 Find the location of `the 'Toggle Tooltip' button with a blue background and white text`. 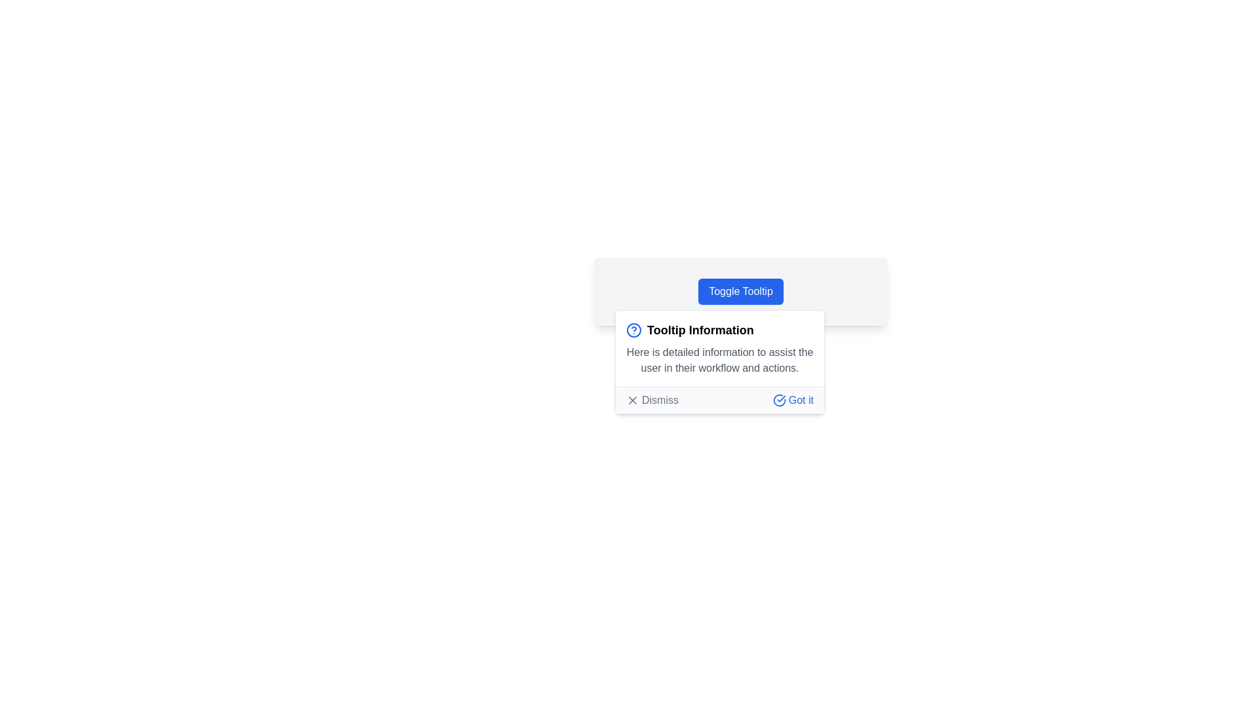

the 'Toggle Tooltip' button with a blue background and white text is located at coordinates (740, 290).